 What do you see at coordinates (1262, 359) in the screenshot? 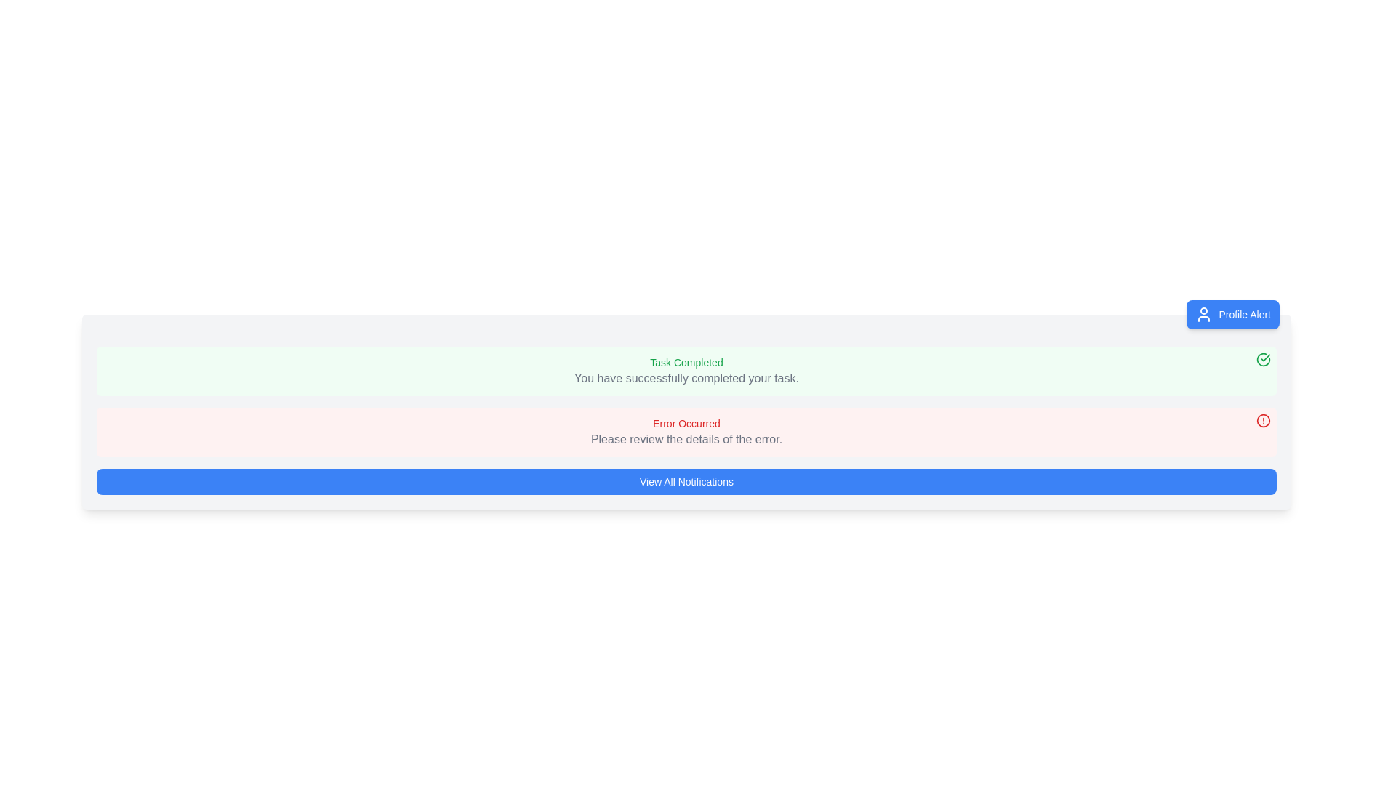
I see `the success indicator icon located at the top-right corner of the 'Task Completed' notification card, which reassures the user of the successful completion of their task` at bounding box center [1262, 359].